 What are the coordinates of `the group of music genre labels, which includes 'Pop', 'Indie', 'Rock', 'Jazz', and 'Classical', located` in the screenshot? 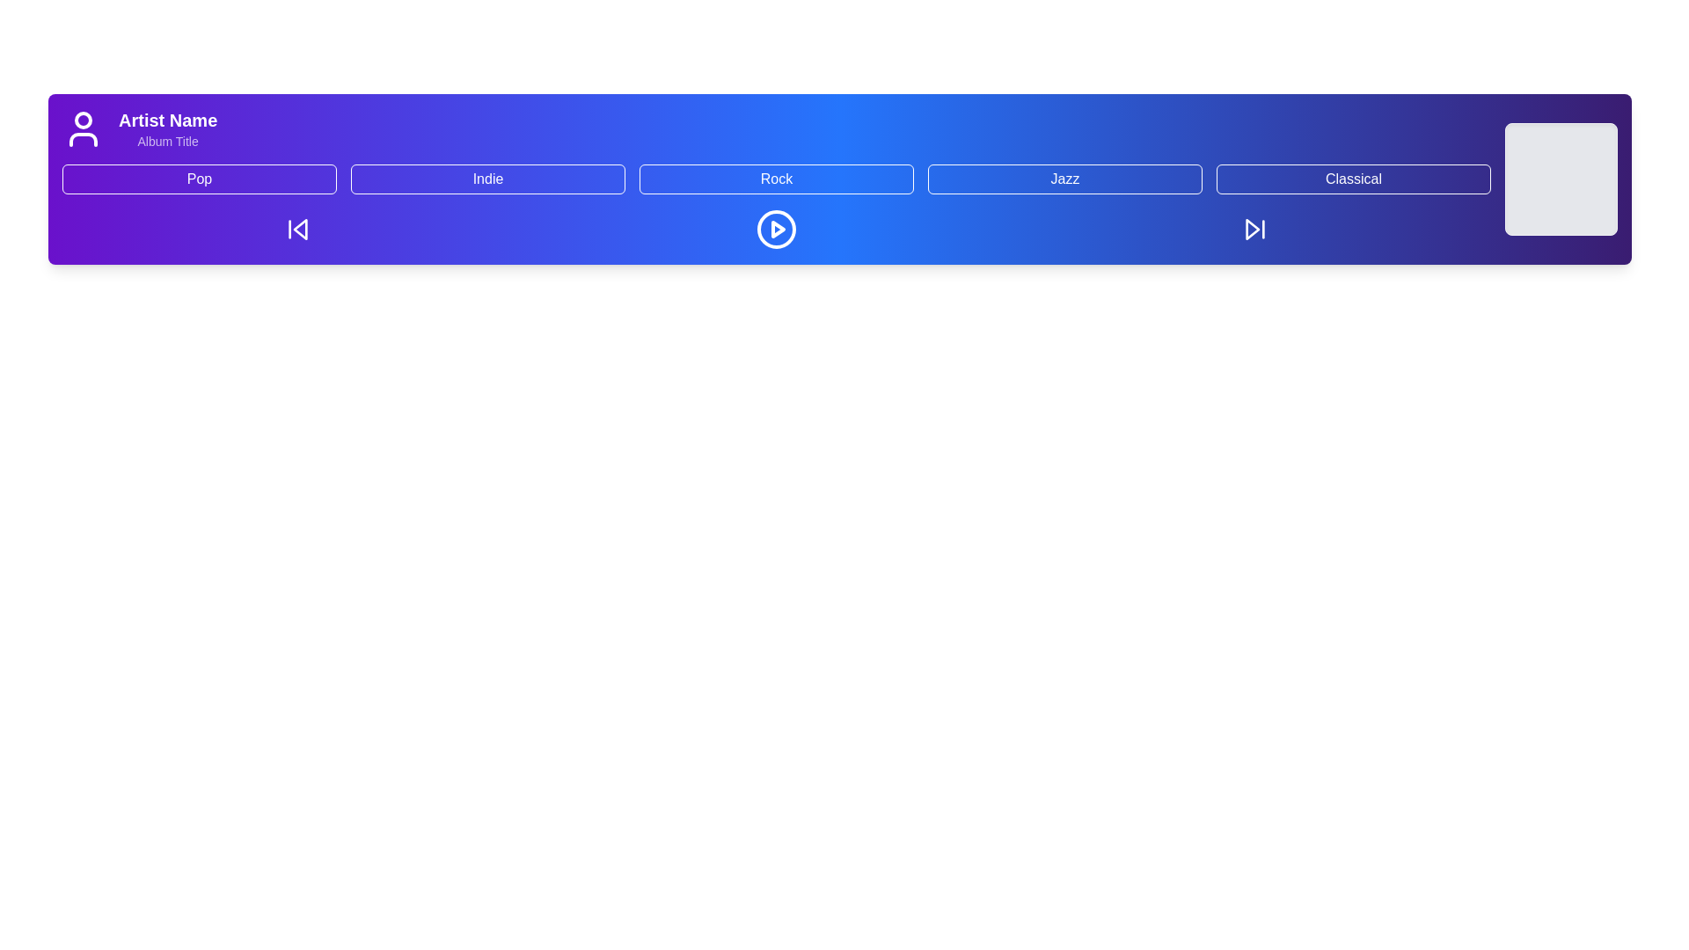 It's located at (776, 179).